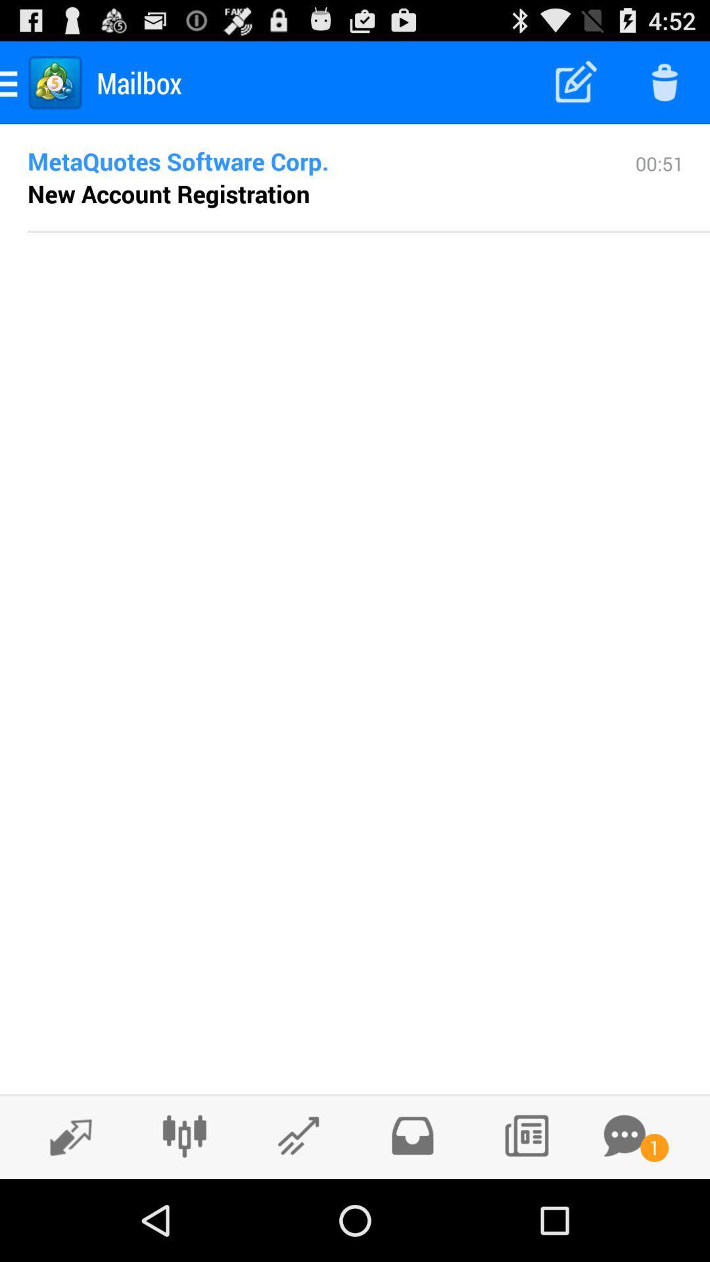  What do you see at coordinates (298, 1135) in the screenshot?
I see `attach your file option` at bounding box center [298, 1135].